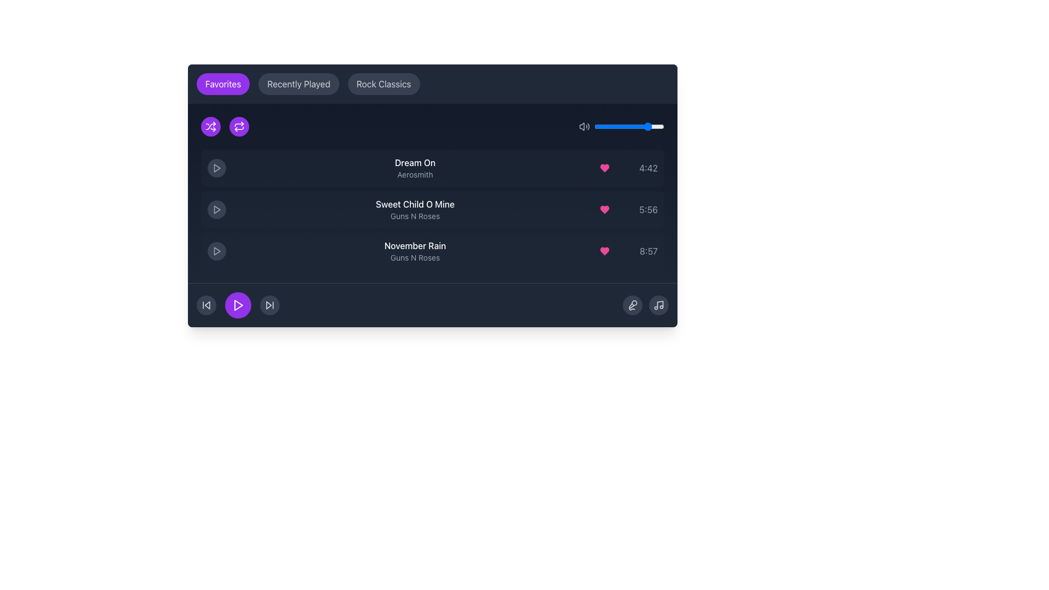 The image size is (1049, 590). I want to click on the circular gray 'Skip Back' button with two arrows to trigger the hover effect, so click(207, 305).